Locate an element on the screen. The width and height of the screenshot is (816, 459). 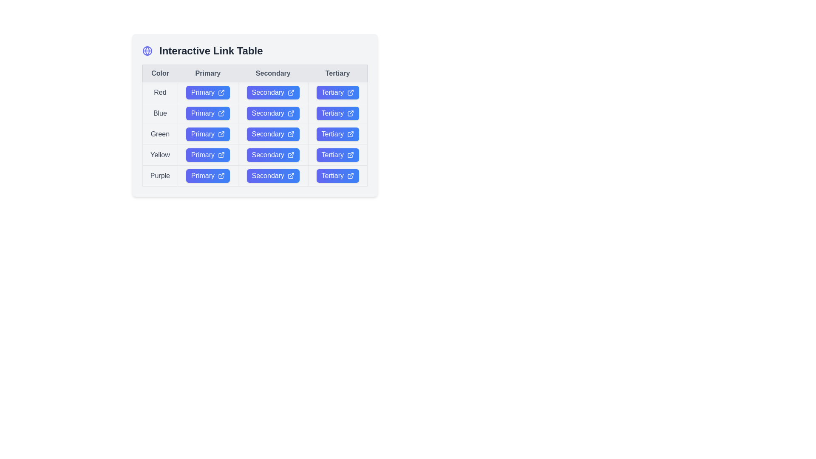
the clickable button in the 'Primary' column of the 'Interactive Link Table' that links to the 'Yellow' category to visualize effects is located at coordinates (208, 155).